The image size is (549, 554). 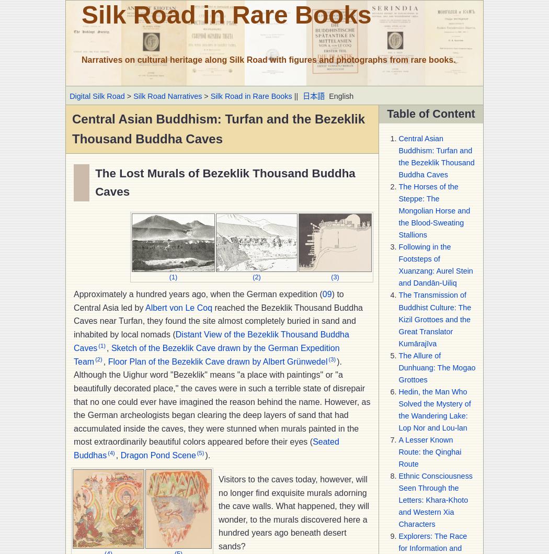 I want to click on 'Dragon Pond Scene', so click(x=120, y=455).